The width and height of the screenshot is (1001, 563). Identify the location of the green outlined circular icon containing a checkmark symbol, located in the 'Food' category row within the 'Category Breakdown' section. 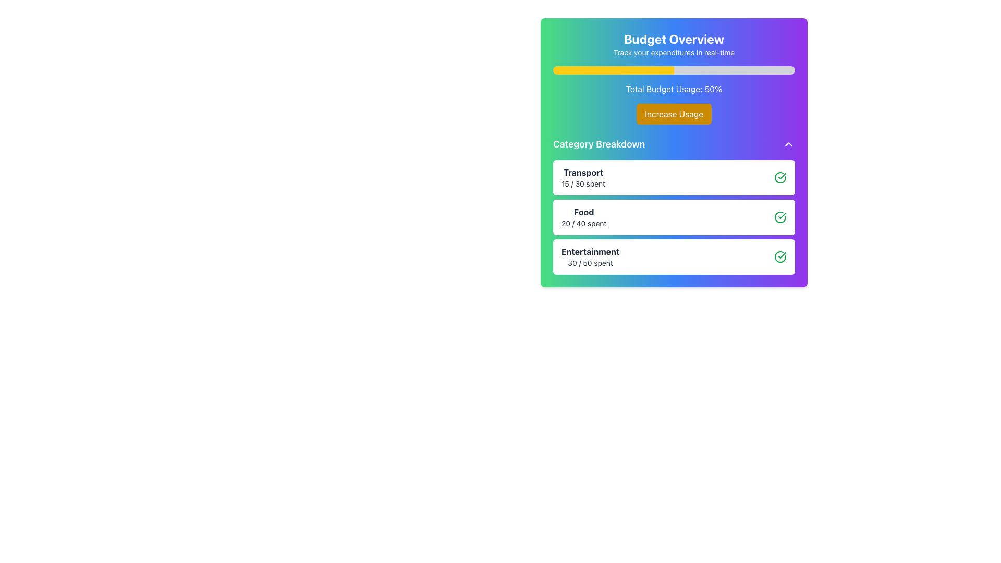
(782, 176).